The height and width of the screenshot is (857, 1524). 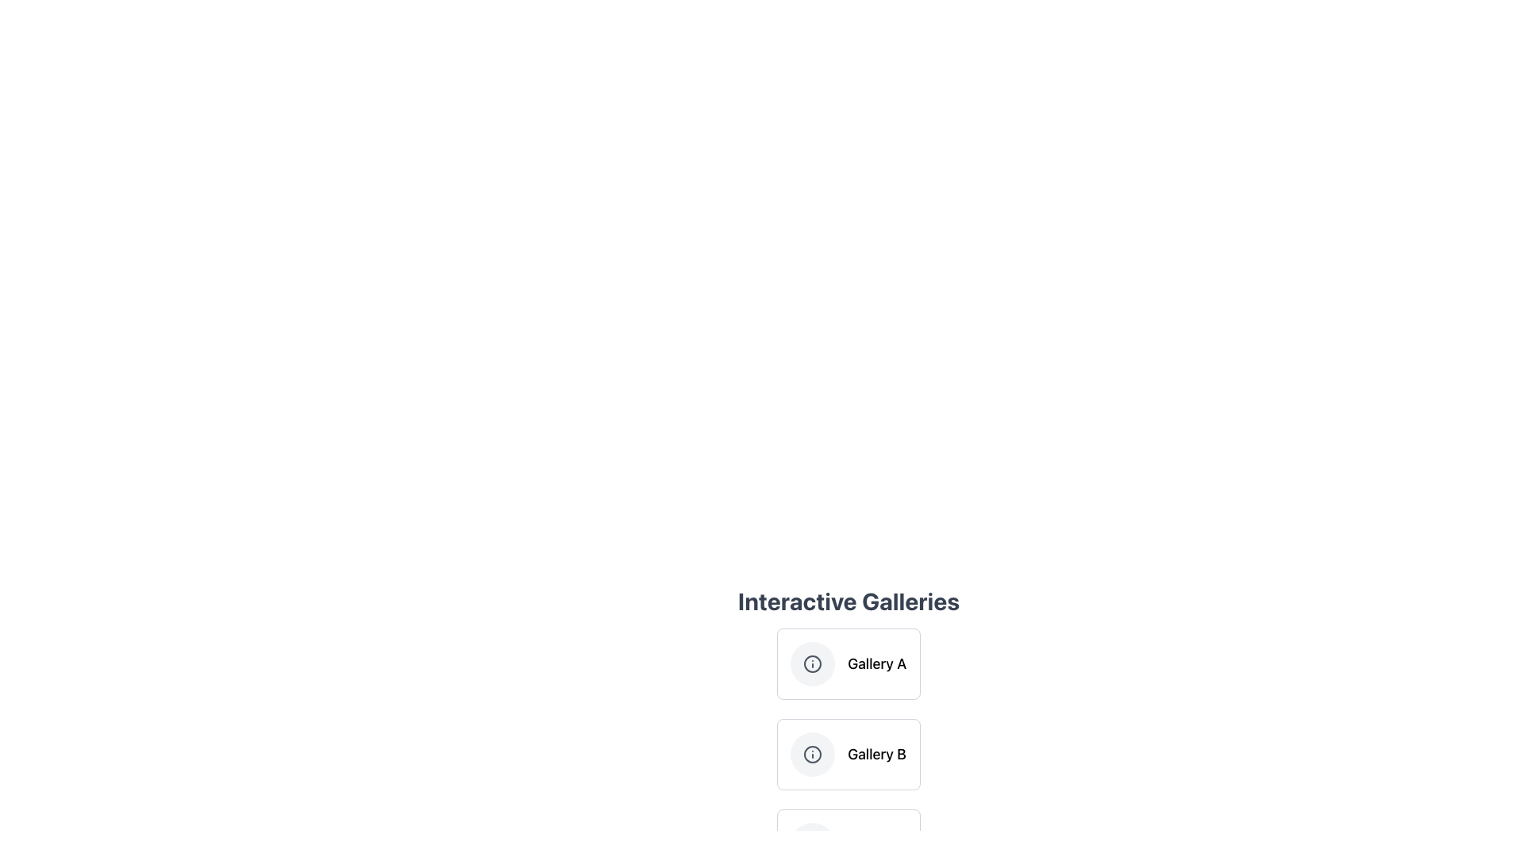 I want to click on on the 'Gallery A' interactive item, which features a circular icon with an information symbol and bold black text, located under the 'Interactive Galleries' heading, so click(x=848, y=664).